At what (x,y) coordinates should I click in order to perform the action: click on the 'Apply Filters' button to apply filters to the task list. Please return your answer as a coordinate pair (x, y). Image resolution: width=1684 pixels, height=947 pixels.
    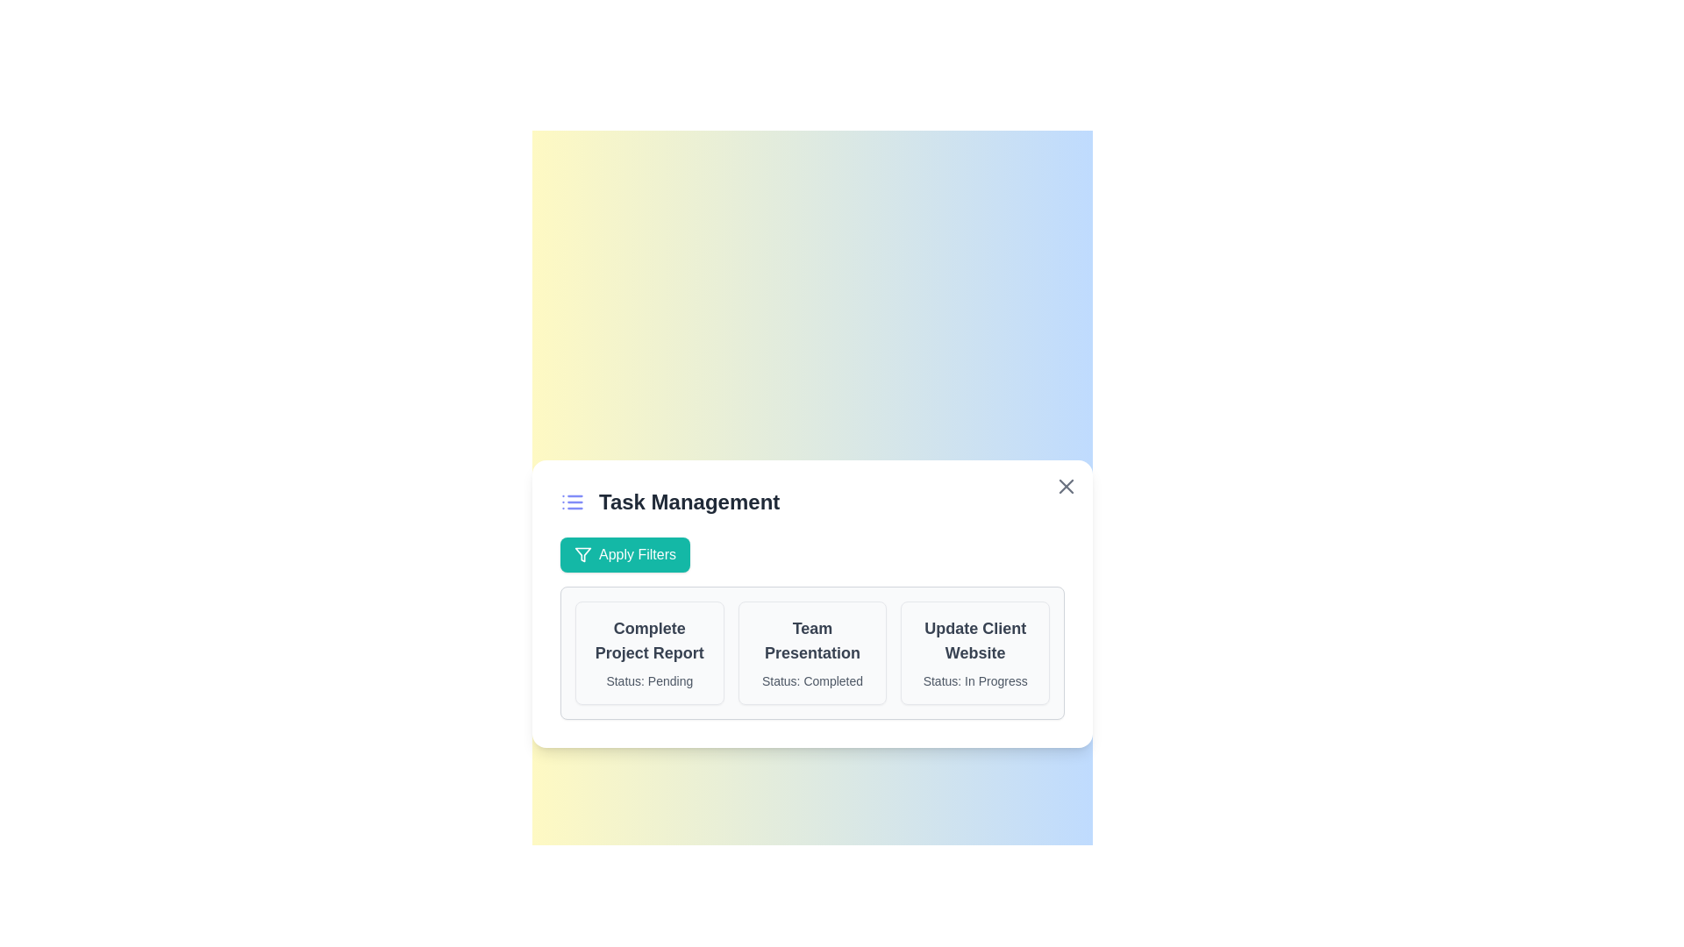
    Looking at the image, I should click on (625, 554).